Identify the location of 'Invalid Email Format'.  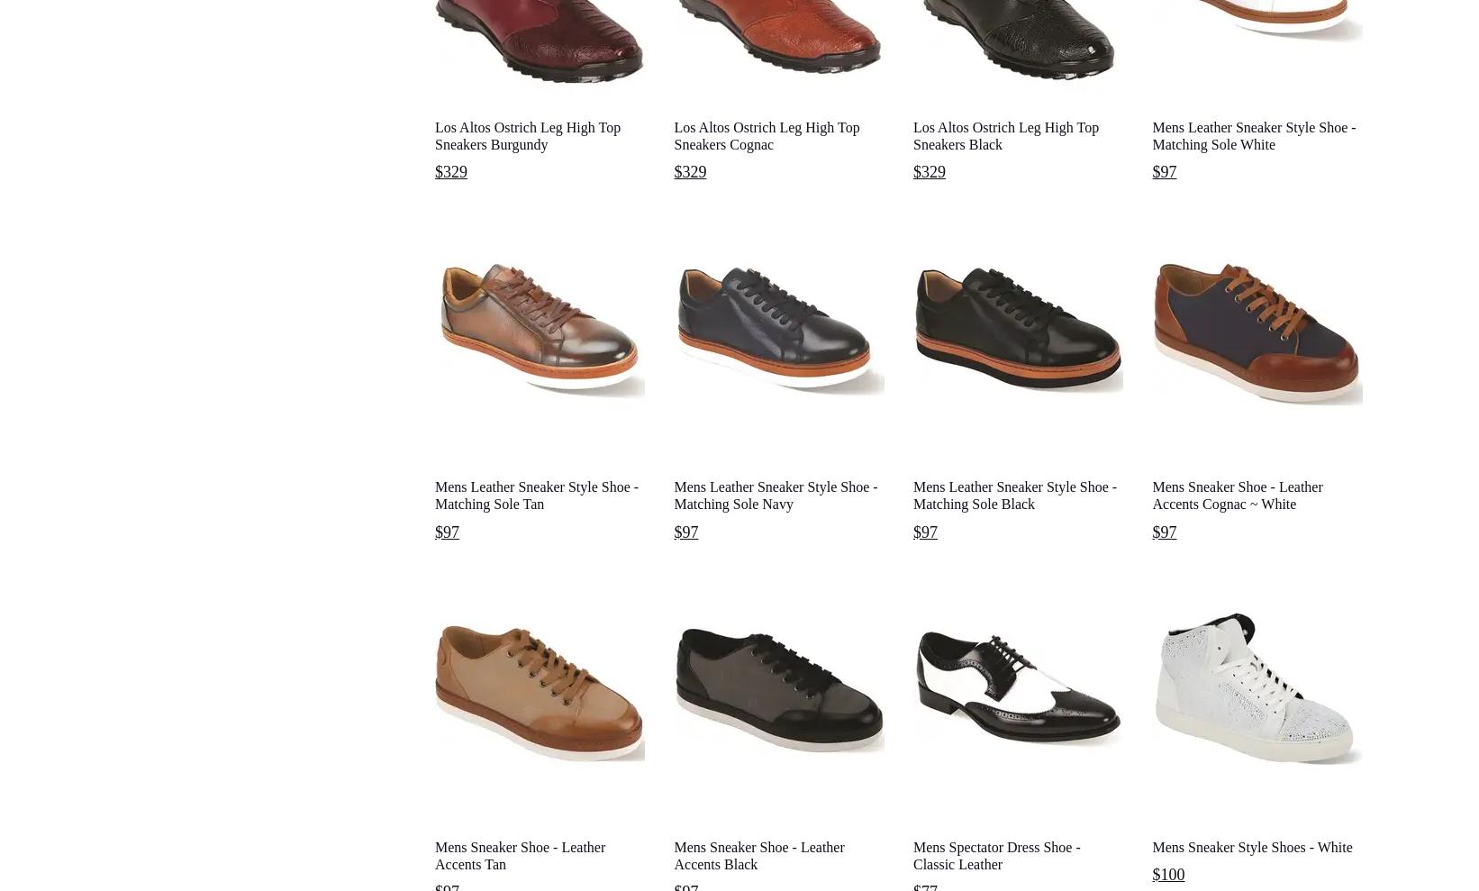
(818, 588).